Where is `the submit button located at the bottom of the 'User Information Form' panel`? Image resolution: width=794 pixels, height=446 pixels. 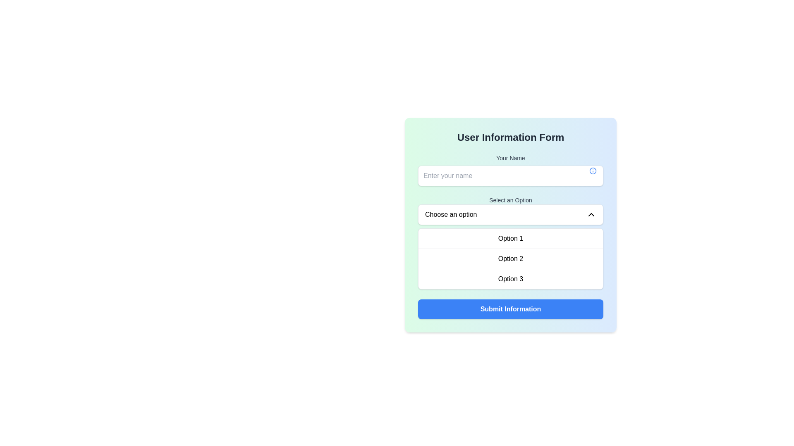
the submit button located at the bottom of the 'User Information Form' panel is located at coordinates (510, 309).